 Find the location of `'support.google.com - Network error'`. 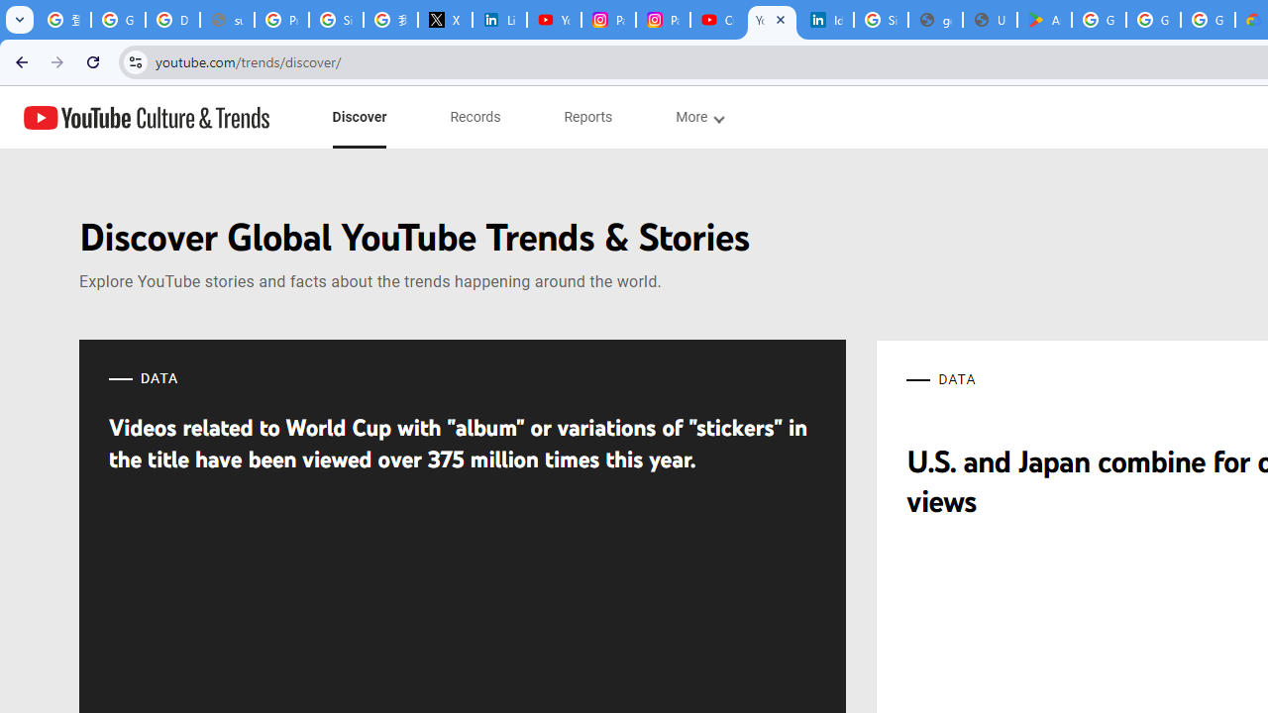

'support.google.com - Network error' is located at coordinates (227, 20).